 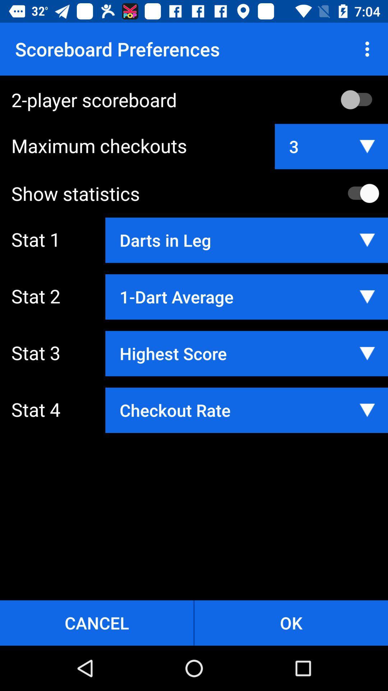 I want to click on the item at the bottom left corner, so click(x=96, y=623).